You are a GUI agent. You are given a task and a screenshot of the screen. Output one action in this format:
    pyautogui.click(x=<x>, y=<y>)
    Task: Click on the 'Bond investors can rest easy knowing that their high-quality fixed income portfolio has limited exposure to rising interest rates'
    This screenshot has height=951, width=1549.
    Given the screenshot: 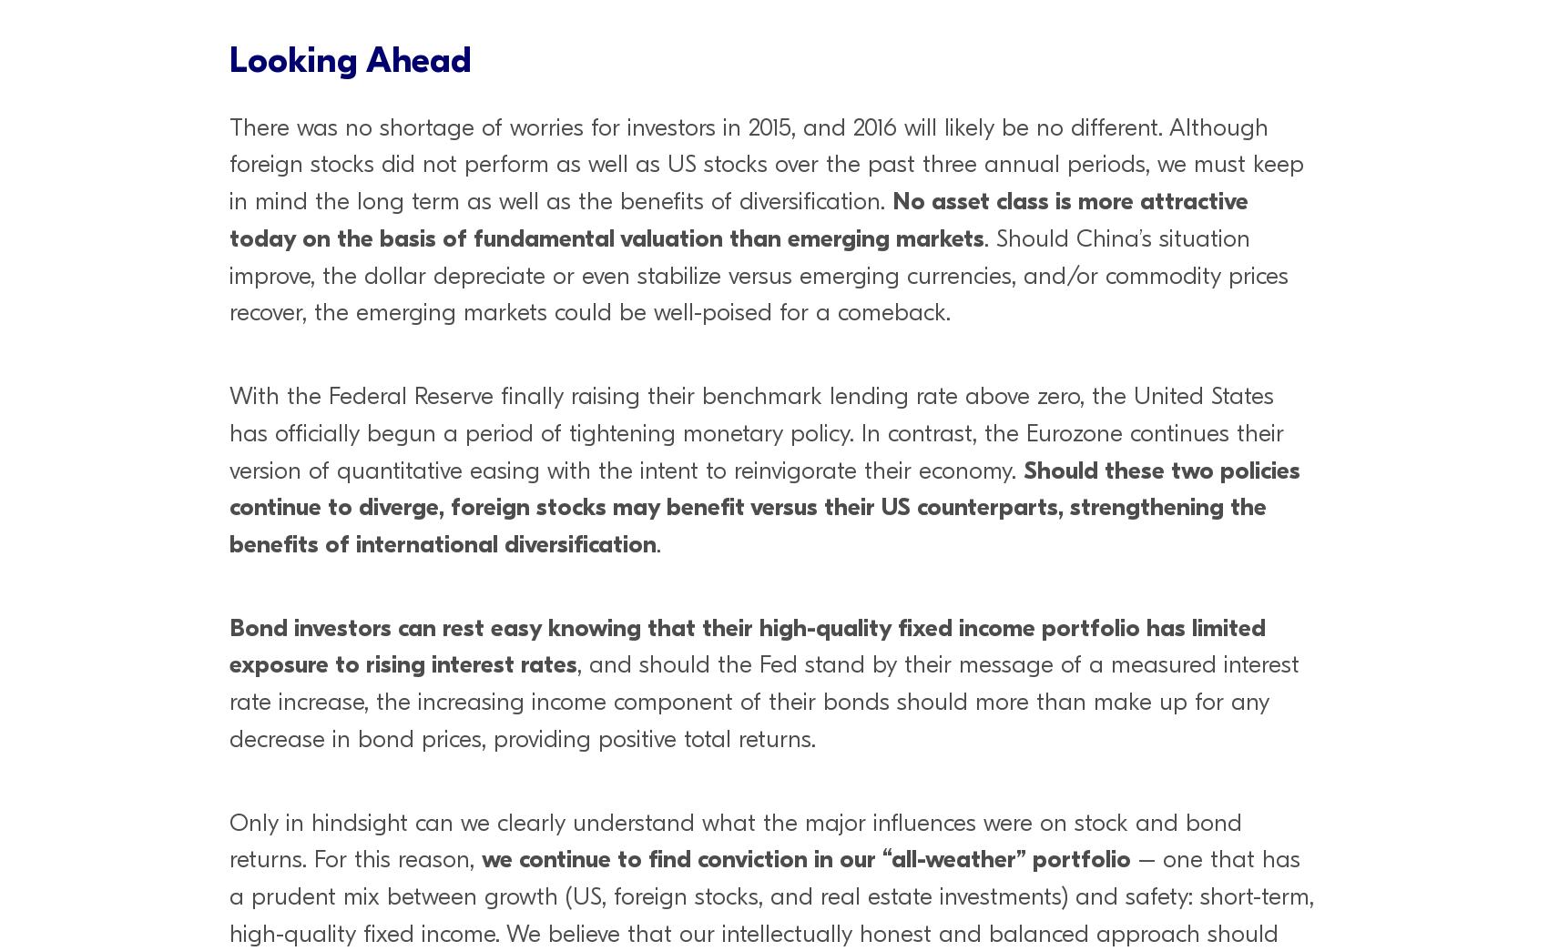 What is the action you would take?
    pyautogui.click(x=748, y=644)
    